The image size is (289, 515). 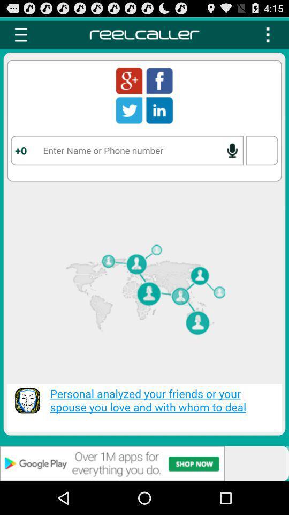 I want to click on linkedin, so click(x=159, y=110).